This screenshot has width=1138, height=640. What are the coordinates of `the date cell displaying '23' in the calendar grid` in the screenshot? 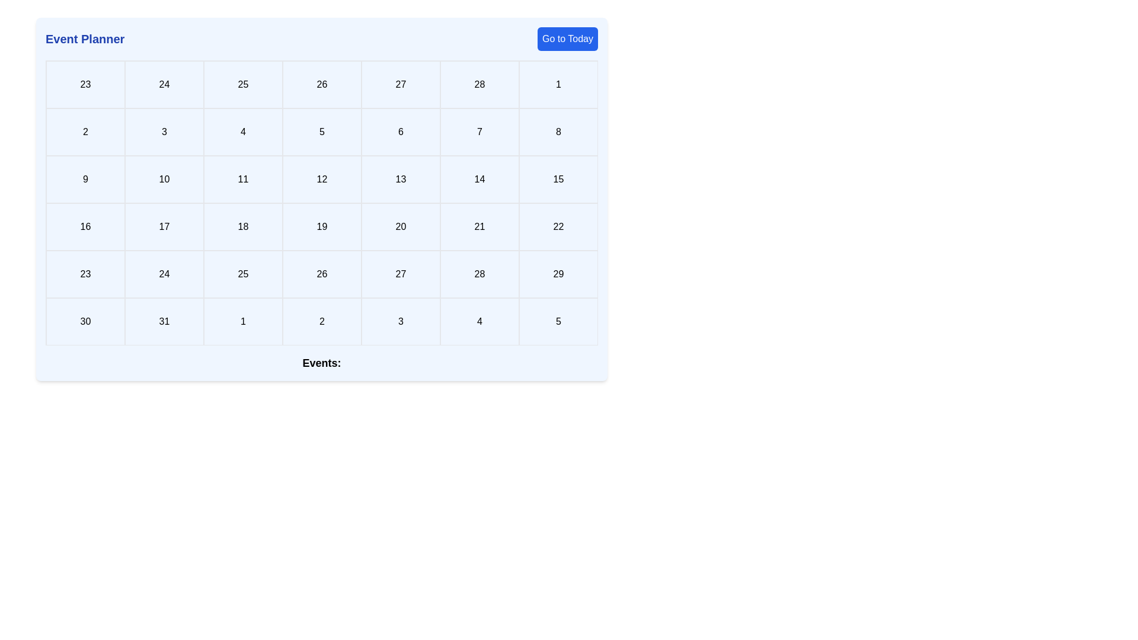 It's located at (85, 84).